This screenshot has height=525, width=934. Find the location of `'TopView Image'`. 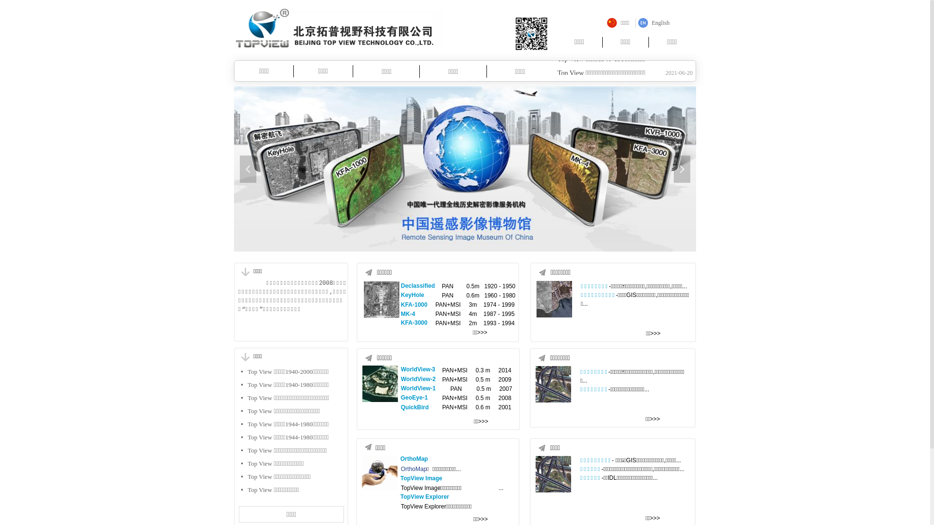

'TopView Image' is located at coordinates (397, 477).